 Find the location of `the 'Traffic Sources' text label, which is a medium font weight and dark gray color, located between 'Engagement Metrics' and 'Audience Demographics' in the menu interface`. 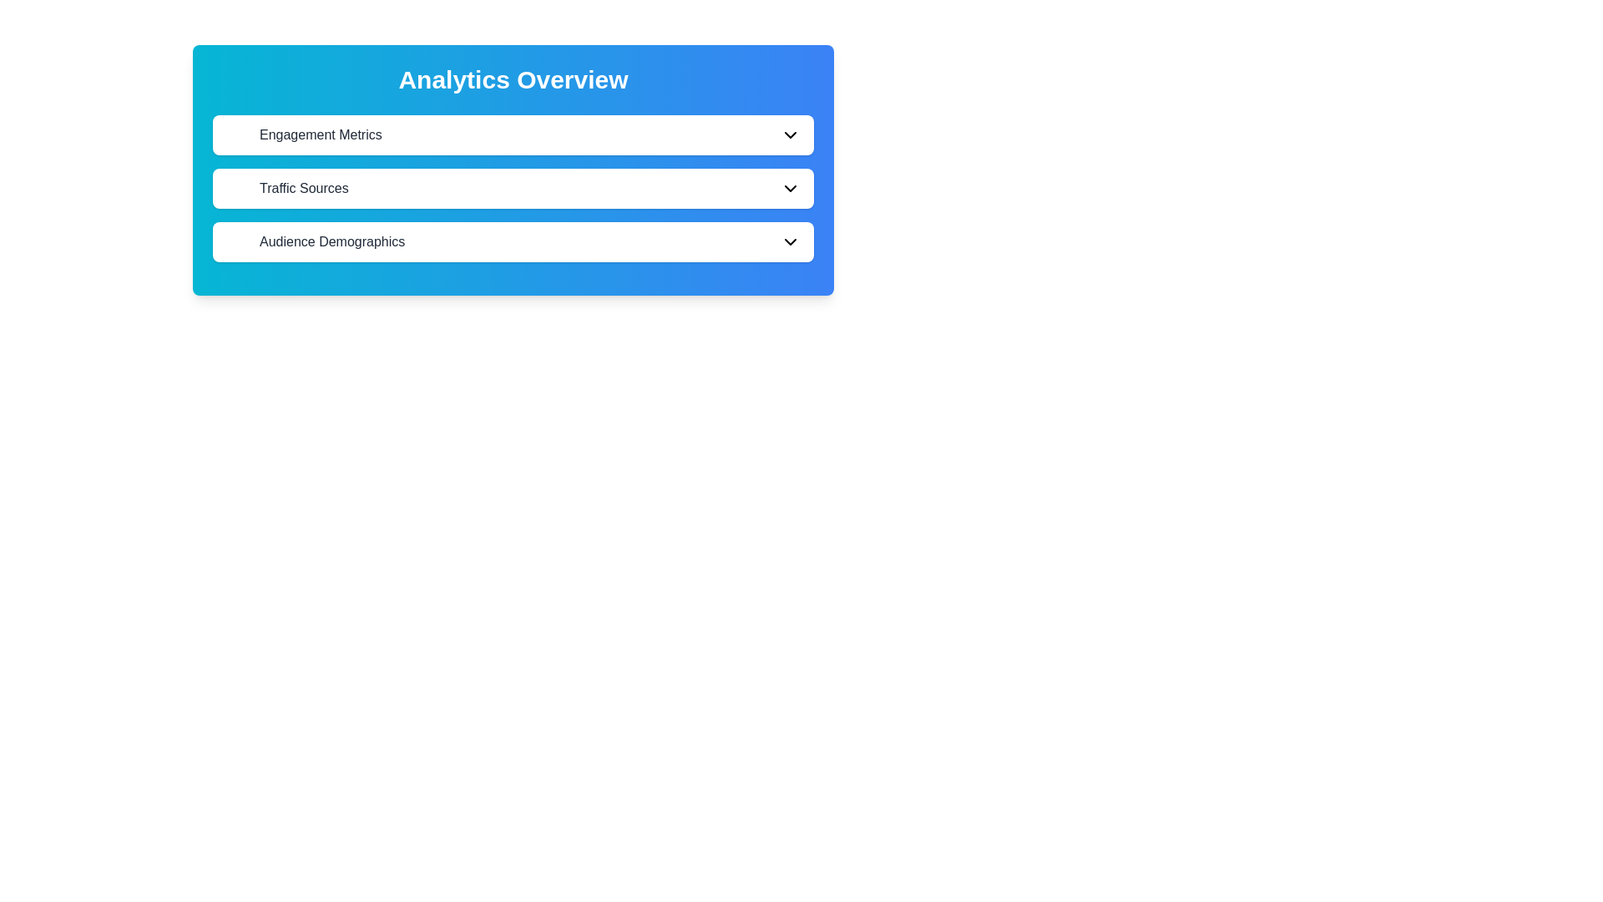

the 'Traffic Sources' text label, which is a medium font weight and dark gray color, located between 'Engagement Metrics' and 'Audience Demographics' in the menu interface is located at coordinates (304, 188).